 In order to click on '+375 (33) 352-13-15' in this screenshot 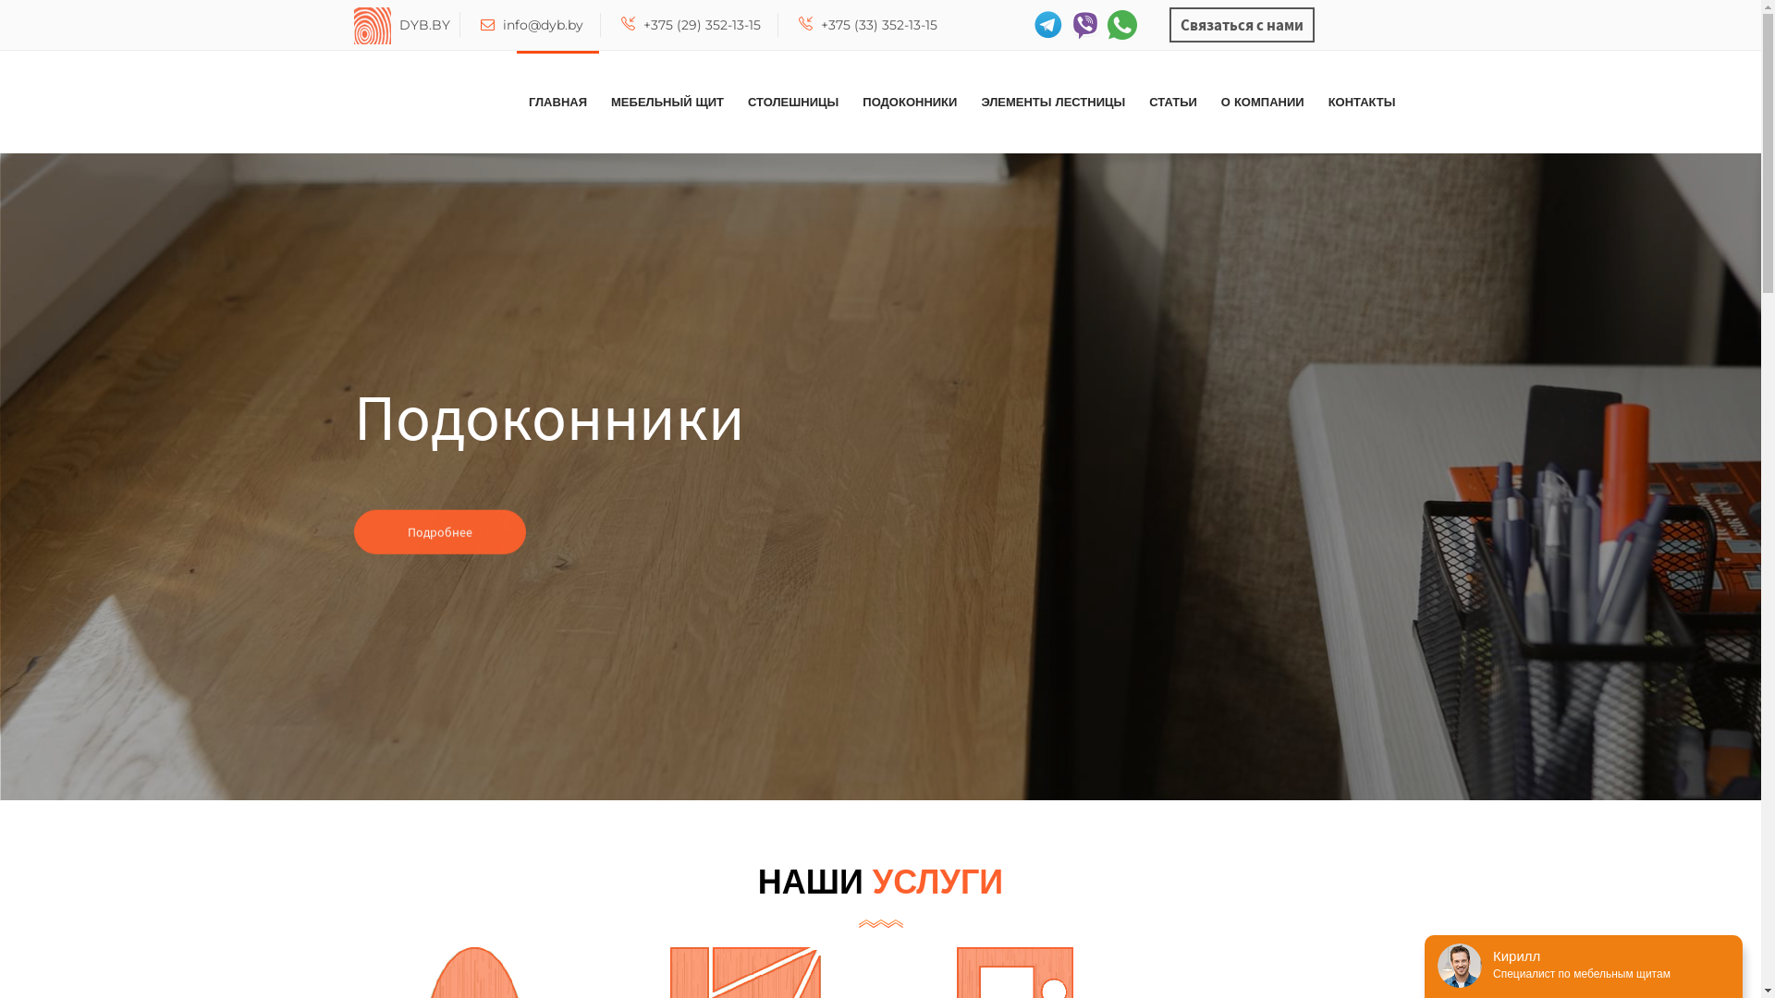, I will do `click(867, 25)`.